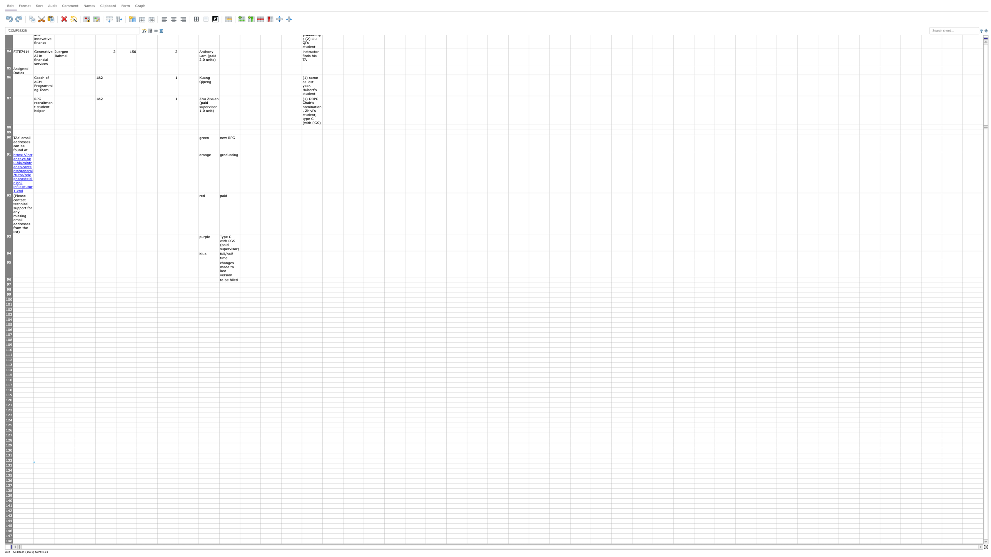 This screenshot has width=991, height=557. Describe the element at coordinates (9, 473) in the screenshot. I see `the bottom edge of header of row 134, for next step resizing the row` at that location.